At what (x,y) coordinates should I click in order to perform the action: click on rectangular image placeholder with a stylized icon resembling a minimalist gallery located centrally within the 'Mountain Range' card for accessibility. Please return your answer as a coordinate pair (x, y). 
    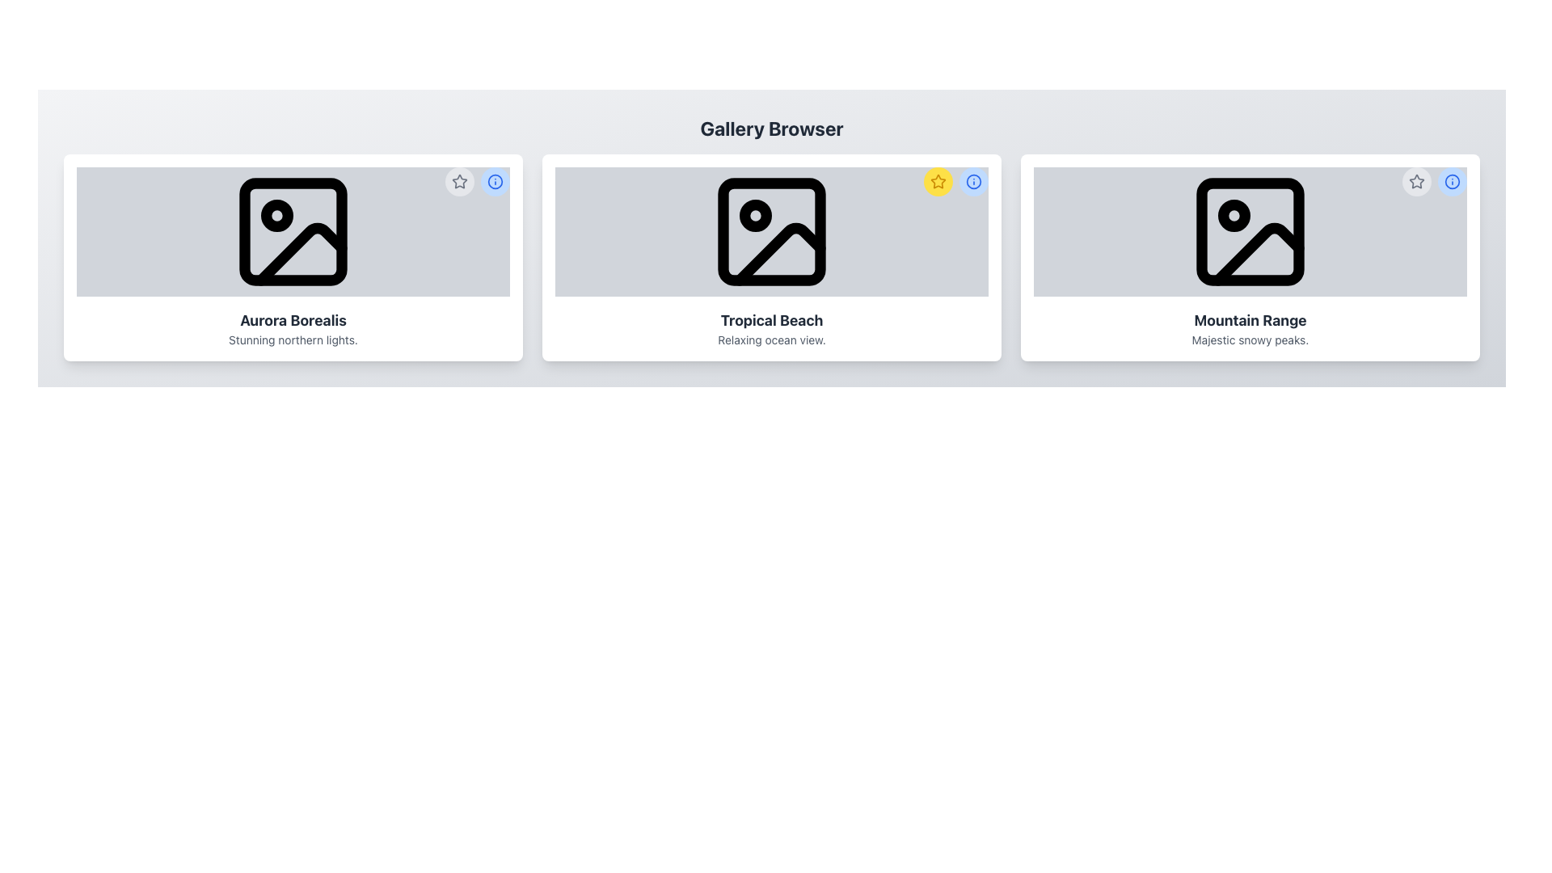
    Looking at the image, I should click on (1249, 231).